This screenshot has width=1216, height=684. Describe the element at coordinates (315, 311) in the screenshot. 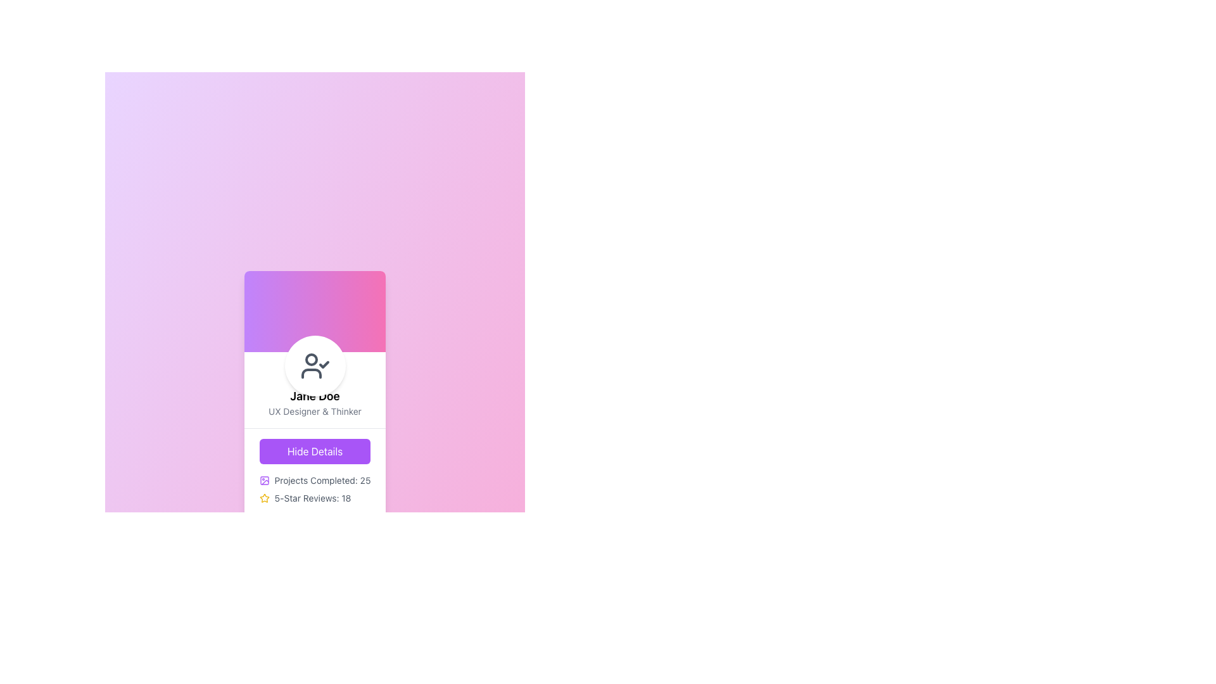

I see `the decorative background panel located at the top center of the card, which enhances the visual appeal of the layout` at that location.